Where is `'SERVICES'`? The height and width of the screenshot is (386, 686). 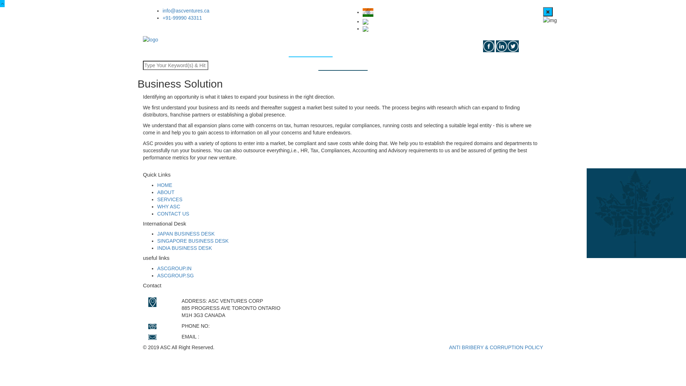 'SERVICES' is located at coordinates (310, 48).